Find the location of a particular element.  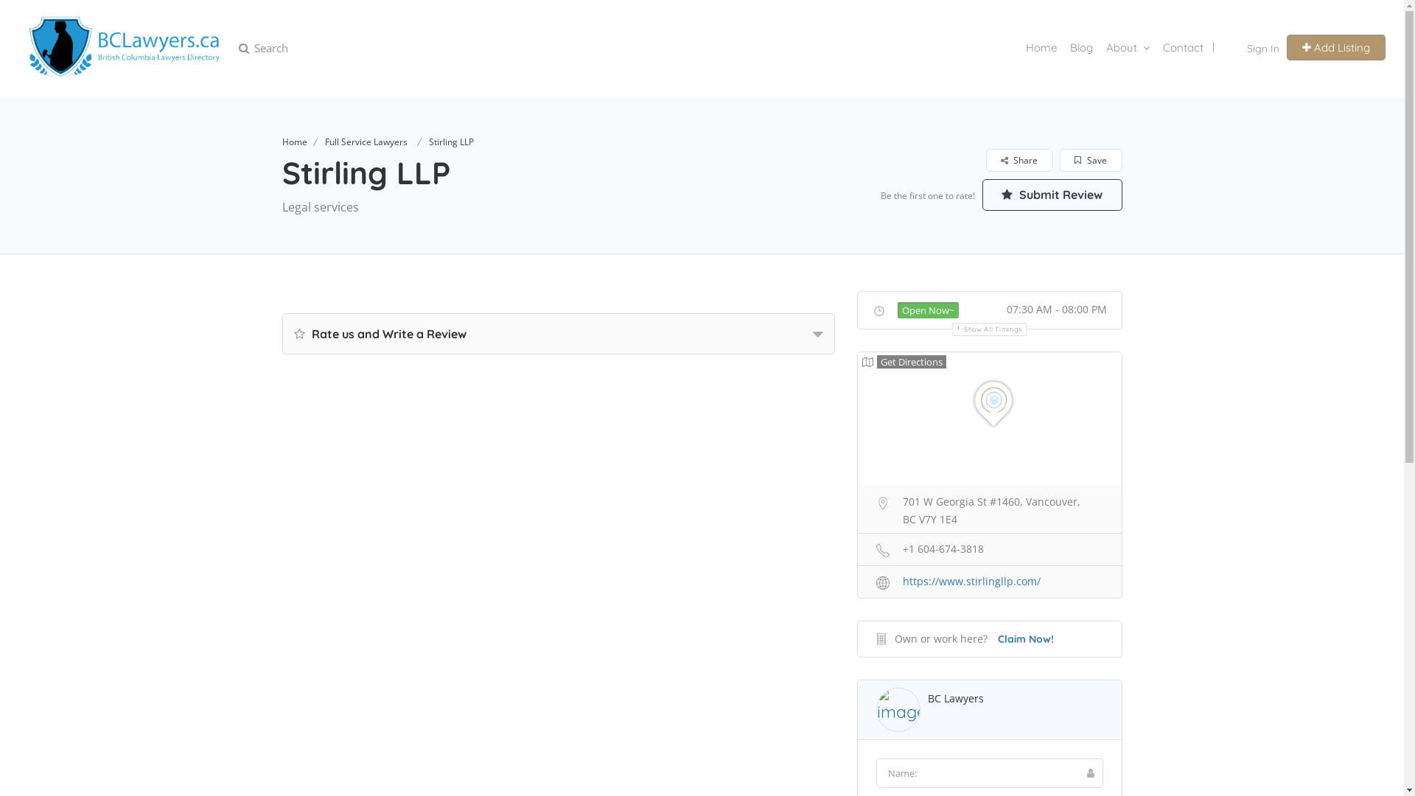

'Sign In' is located at coordinates (1262, 47).